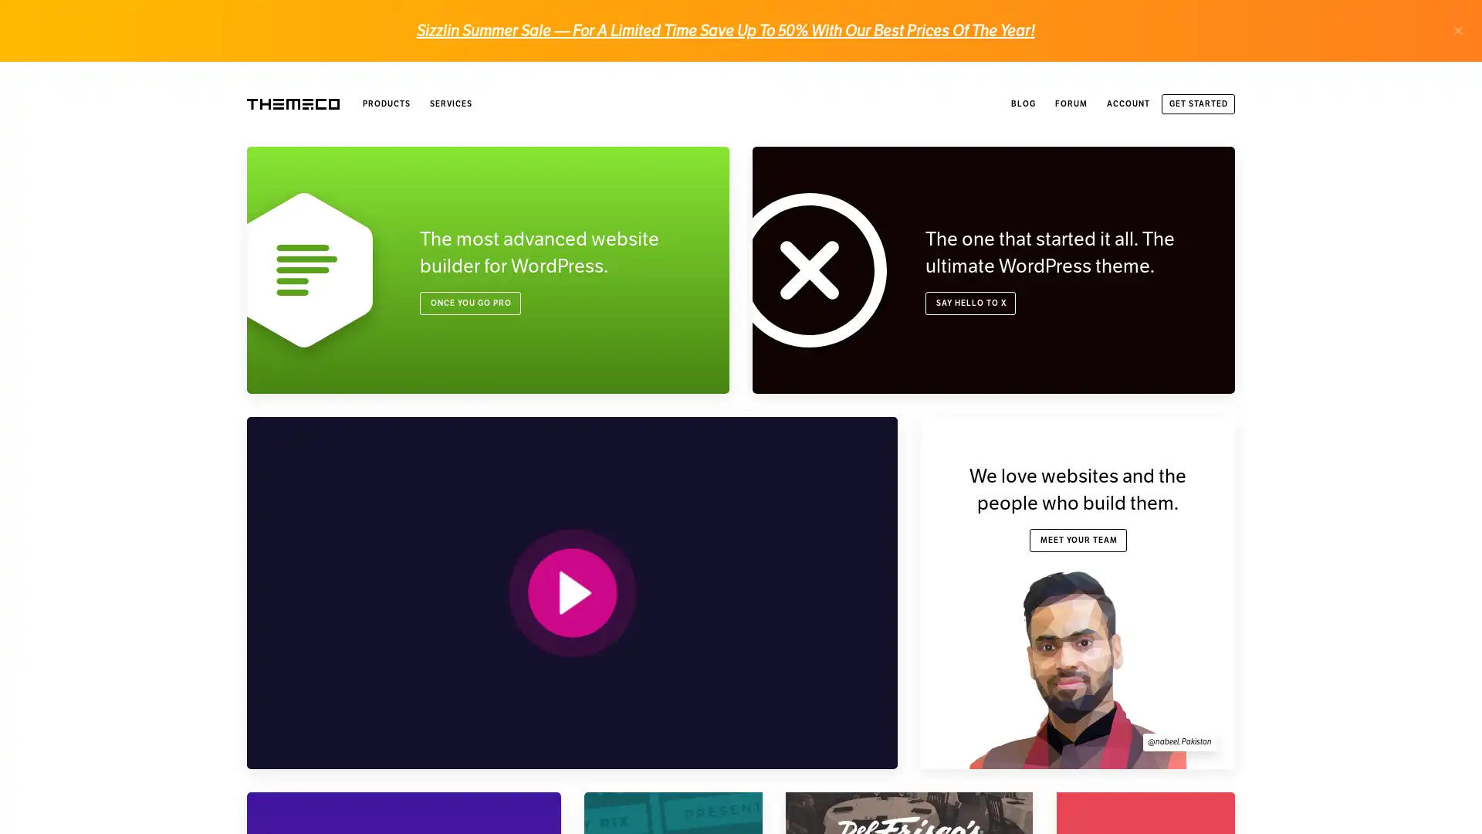  Describe the element at coordinates (571, 592) in the screenshot. I see `PLAY VIDEO` at that location.